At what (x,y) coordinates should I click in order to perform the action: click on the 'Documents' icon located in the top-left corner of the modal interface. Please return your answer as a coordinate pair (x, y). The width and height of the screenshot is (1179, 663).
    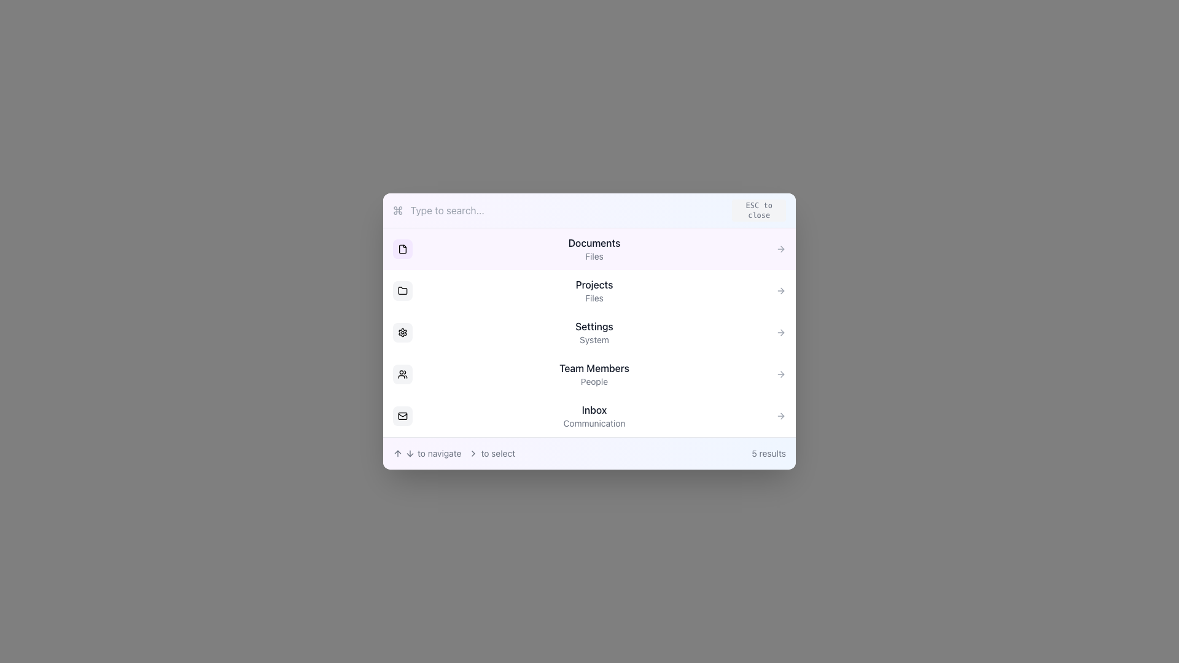
    Looking at the image, I should click on (403, 249).